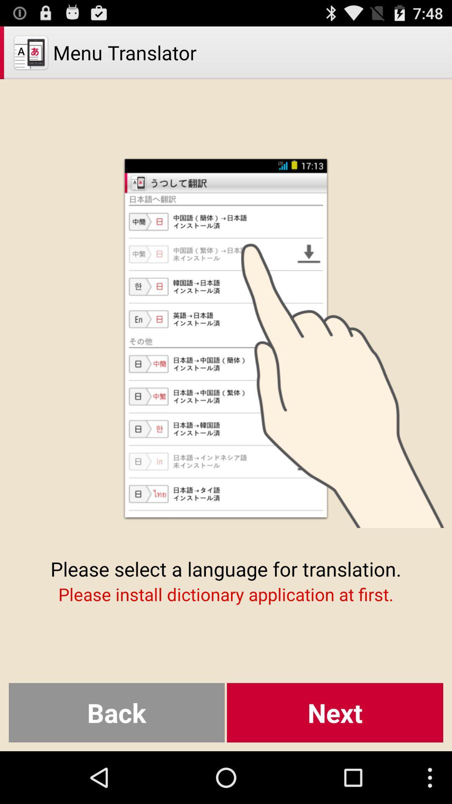 The width and height of the screenshot is (452, 804). I want to click on back, so click(116, 712).